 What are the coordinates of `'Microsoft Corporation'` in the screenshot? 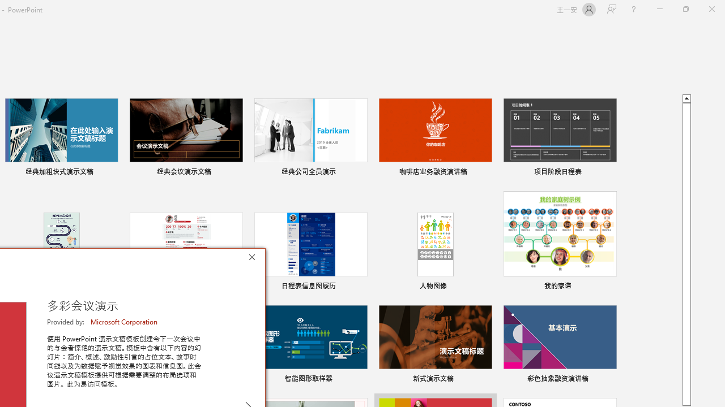 It's located at (125, 322).